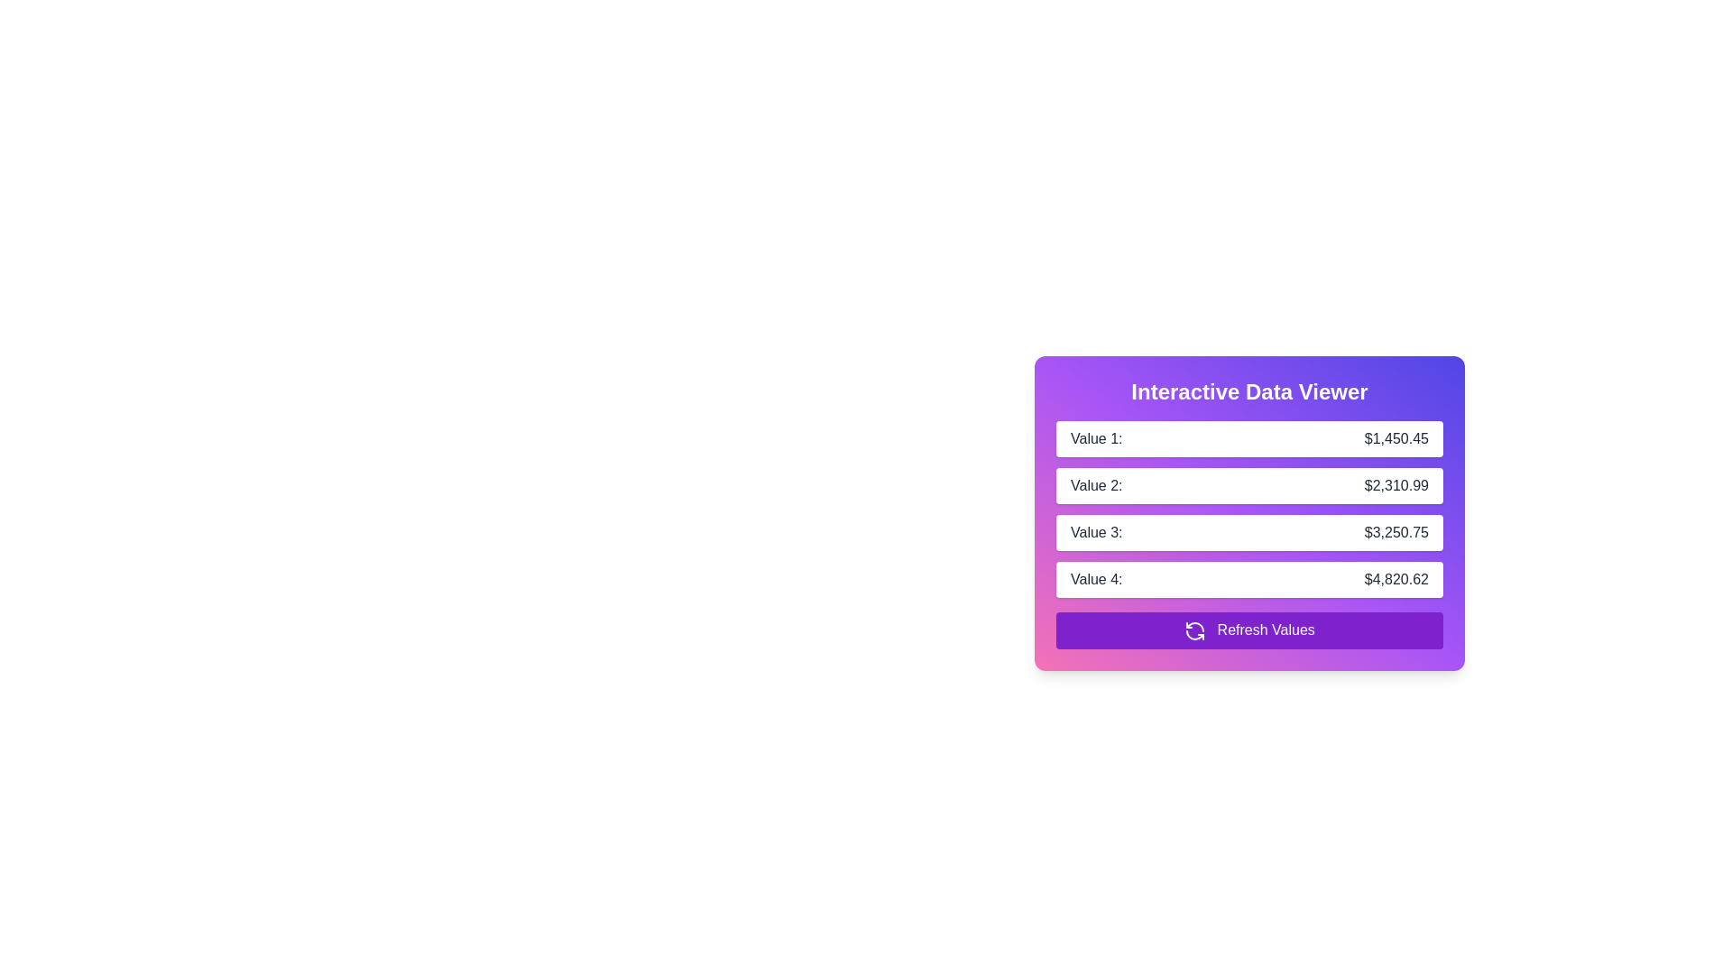 This screenshot has height=974, width=1732. I want to click on the static text label identifying the value '2', which is located to the left of '$2,310.99' in a card layout, so click(1095, 485).